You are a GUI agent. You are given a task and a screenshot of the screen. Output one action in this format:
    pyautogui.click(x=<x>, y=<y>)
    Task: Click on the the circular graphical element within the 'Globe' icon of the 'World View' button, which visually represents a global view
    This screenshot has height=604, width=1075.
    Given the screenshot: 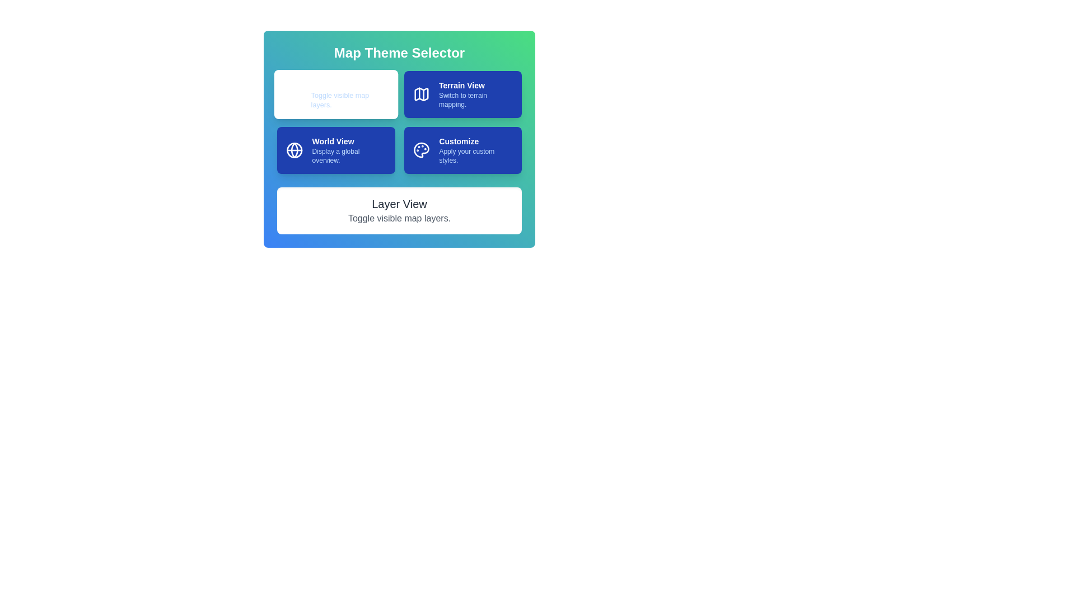 What is the action you would take?
    pyautogui.click(x=295, y=150)
    